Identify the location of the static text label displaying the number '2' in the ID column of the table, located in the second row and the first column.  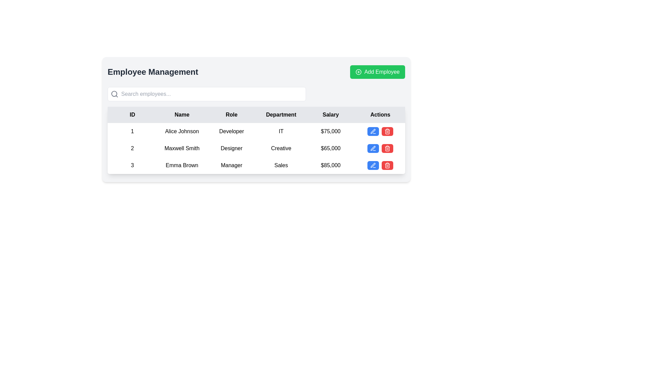
(132, 148).